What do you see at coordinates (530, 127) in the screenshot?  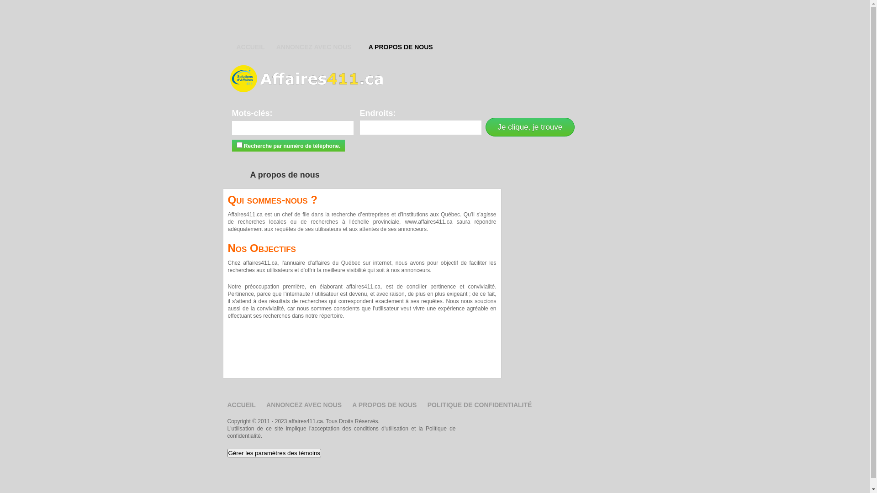 I see `'Je clique, je trouve'` at bounding box center [530, 127].